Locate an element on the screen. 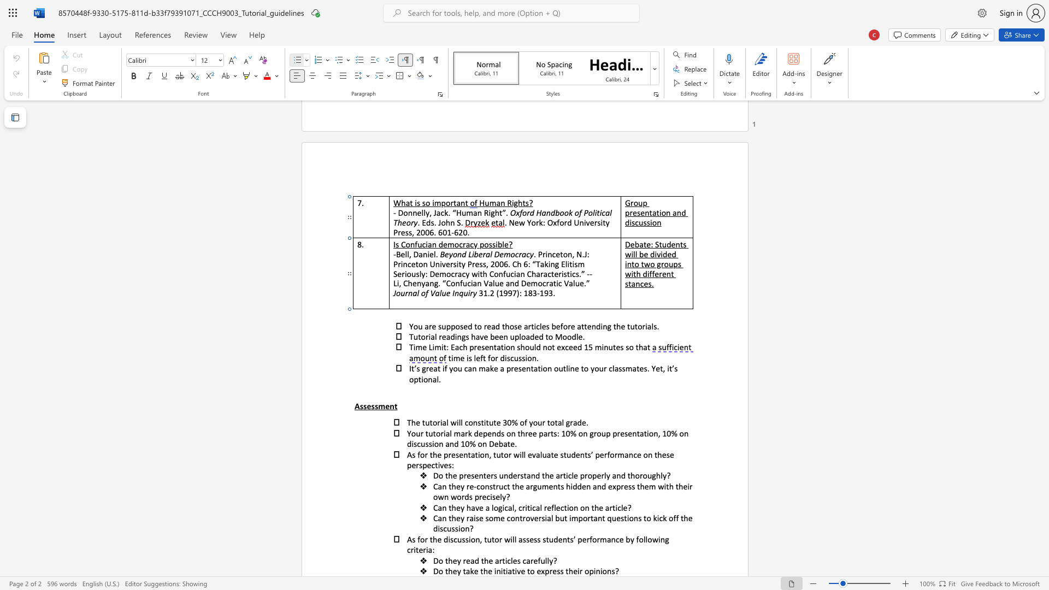  the 1th character "p" in the text is located at coordinates (547, 570).